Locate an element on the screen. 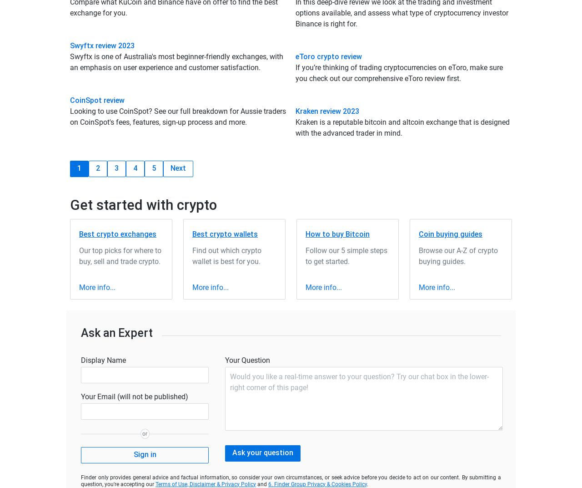 The image size is (582, 488). 'Best crypto wallets' is located at coordinates (225, 234).